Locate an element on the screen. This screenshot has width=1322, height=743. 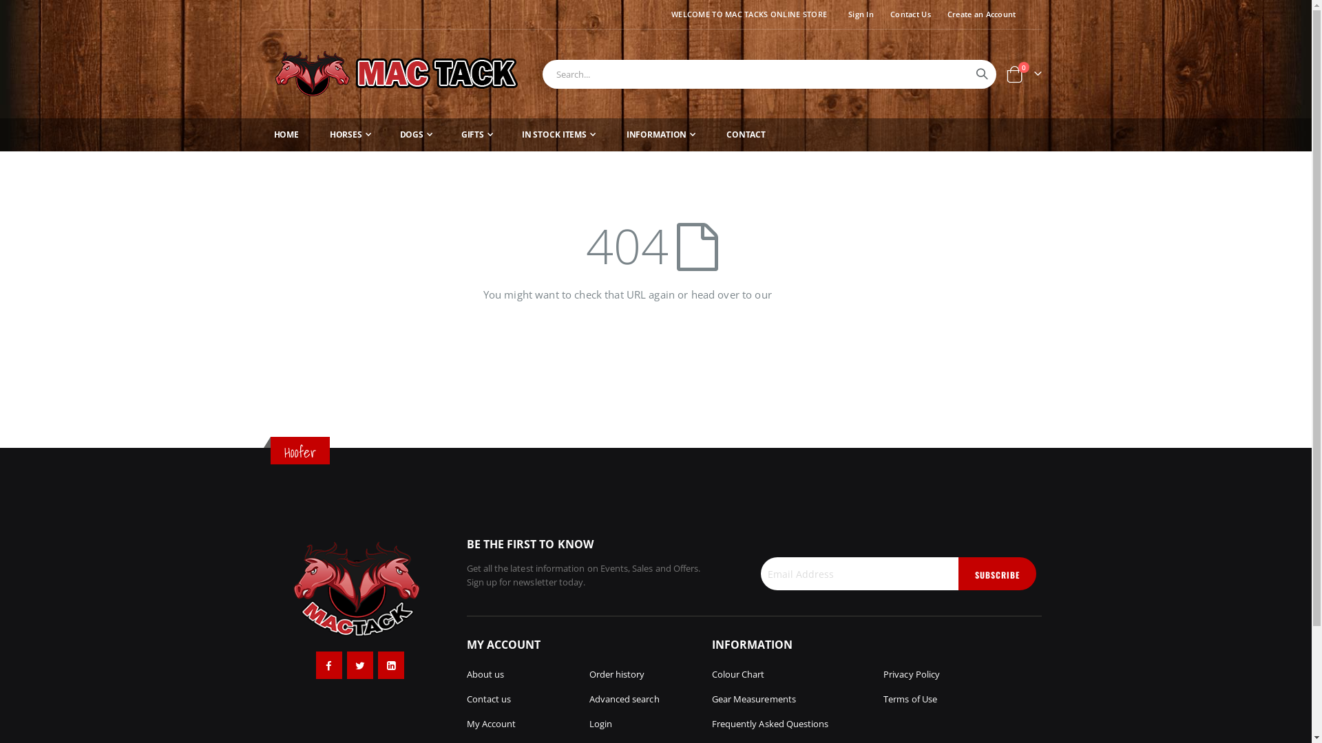
'Sign In' is located at coordinates (836, 14).